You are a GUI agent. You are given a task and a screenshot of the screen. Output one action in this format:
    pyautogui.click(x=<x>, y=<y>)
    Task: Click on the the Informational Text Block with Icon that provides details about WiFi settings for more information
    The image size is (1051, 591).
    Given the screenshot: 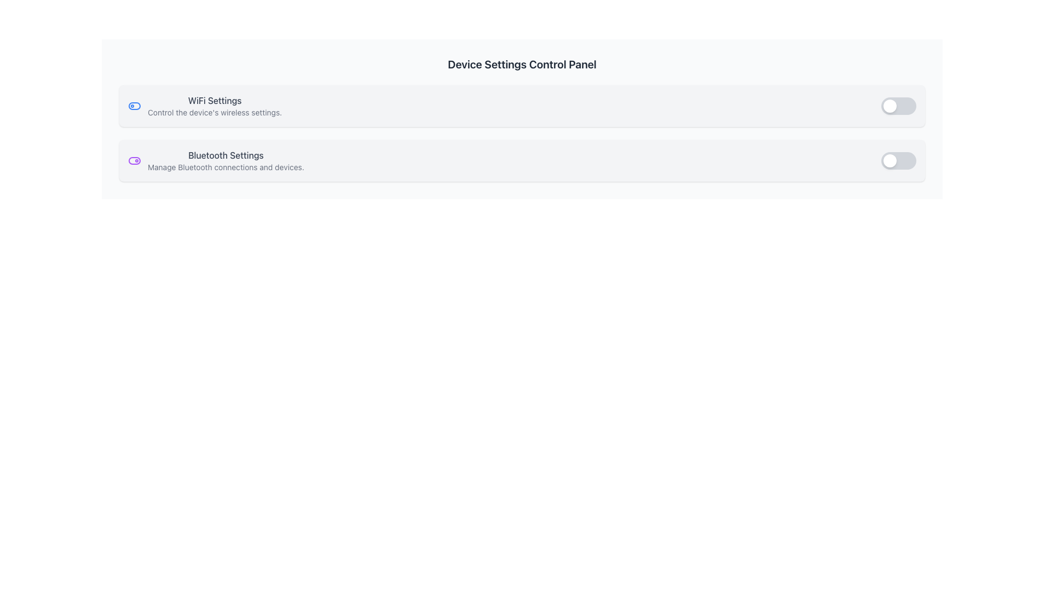 What is the action you would take?
    pyautogui.click(x=205, y=106)
    